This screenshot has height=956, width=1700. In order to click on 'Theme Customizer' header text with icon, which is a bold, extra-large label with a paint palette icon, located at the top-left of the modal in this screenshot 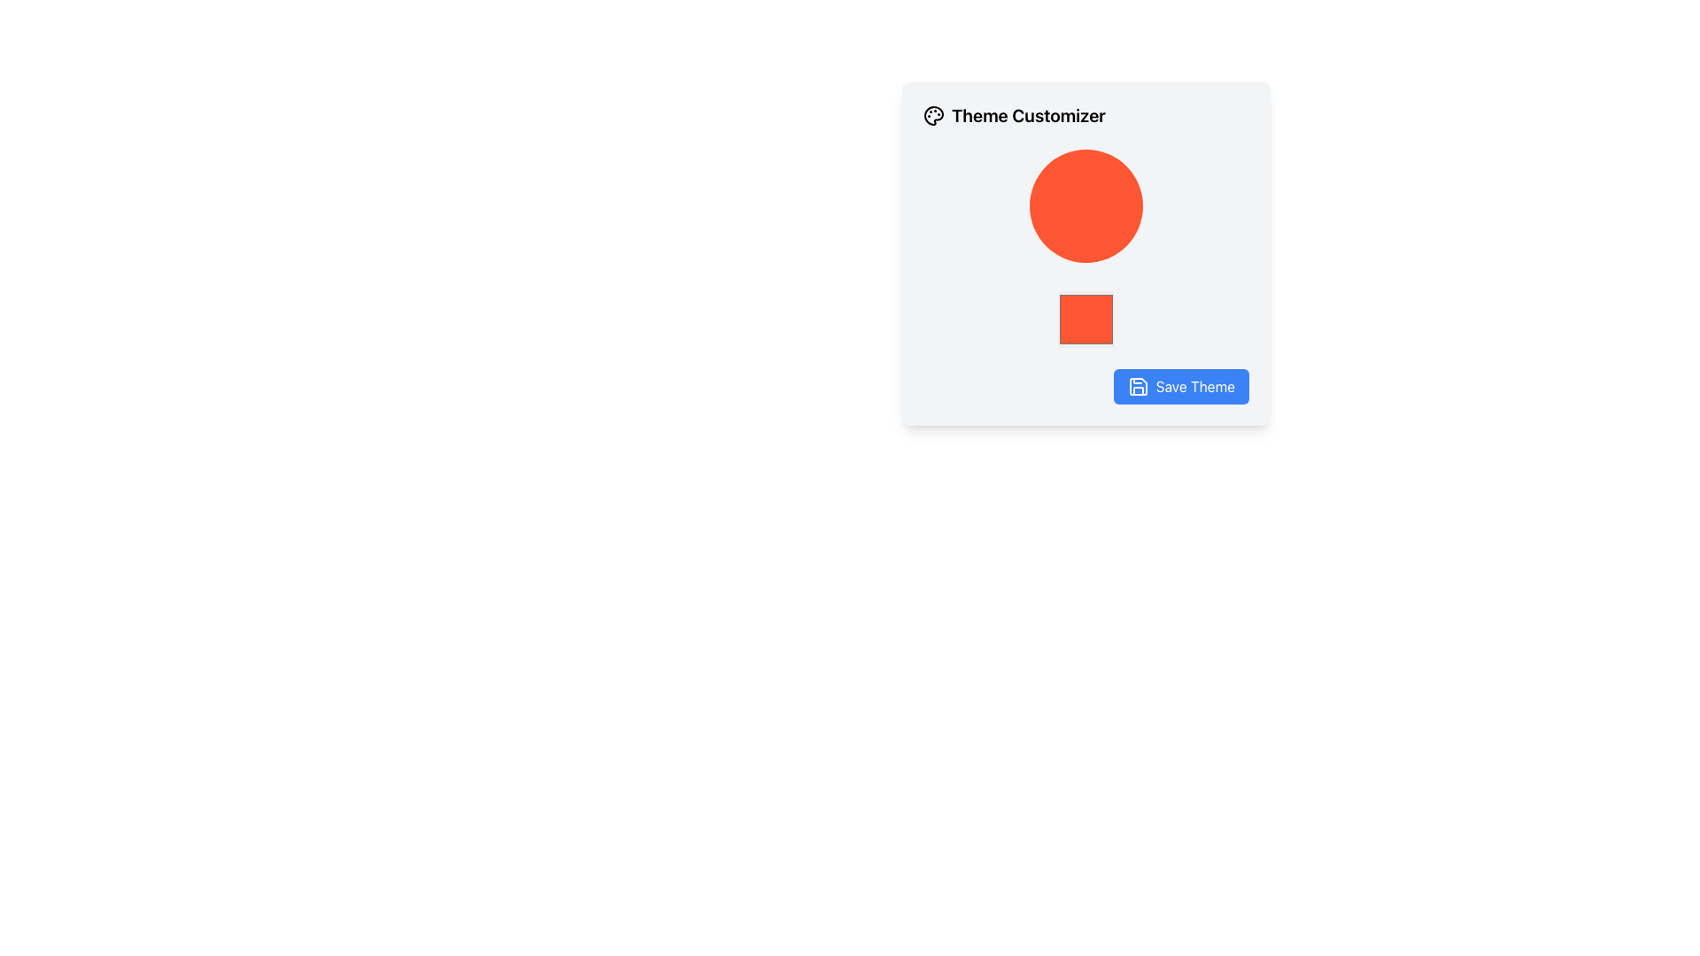, I will do `click(1014, 116)`.